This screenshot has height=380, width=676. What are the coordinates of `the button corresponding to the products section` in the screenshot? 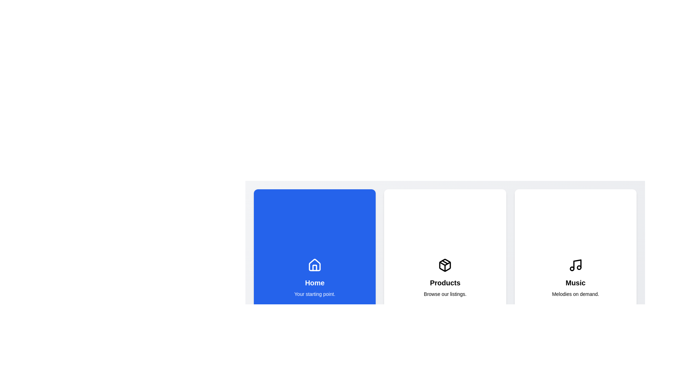 It's located at (444, 278).